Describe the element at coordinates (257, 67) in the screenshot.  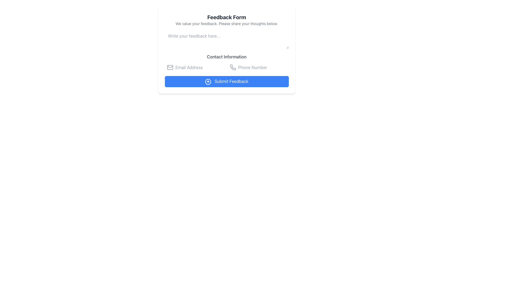
I see `the second input field for phone number entry, located under the 'Contact Information' label` at that location.